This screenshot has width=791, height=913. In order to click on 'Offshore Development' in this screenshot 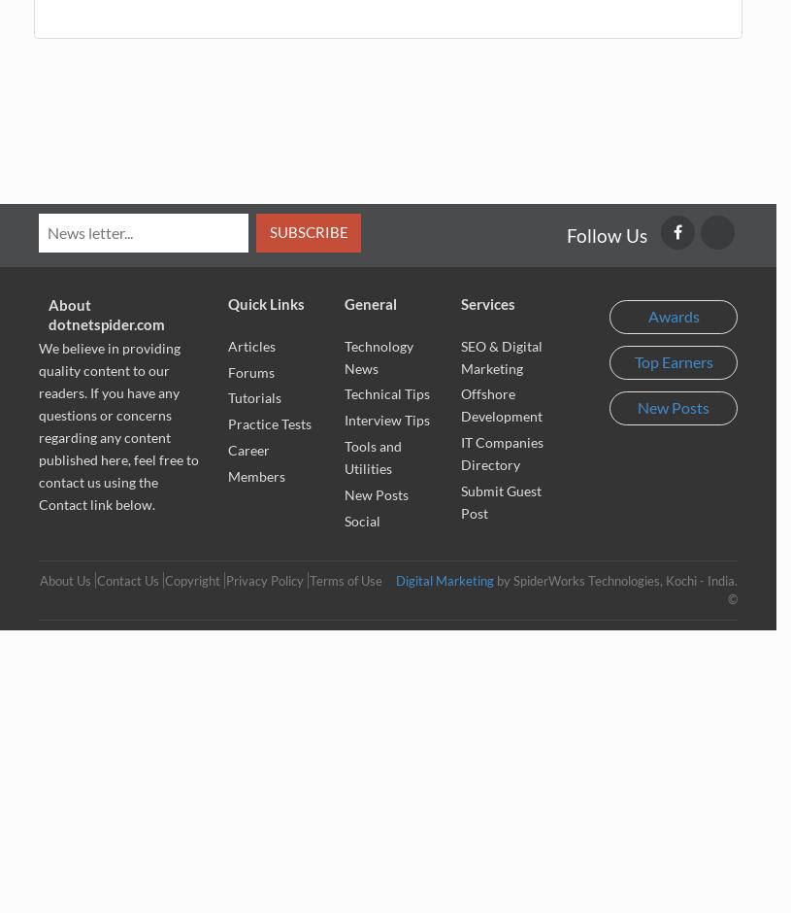, I will do `click(502, 404)`.